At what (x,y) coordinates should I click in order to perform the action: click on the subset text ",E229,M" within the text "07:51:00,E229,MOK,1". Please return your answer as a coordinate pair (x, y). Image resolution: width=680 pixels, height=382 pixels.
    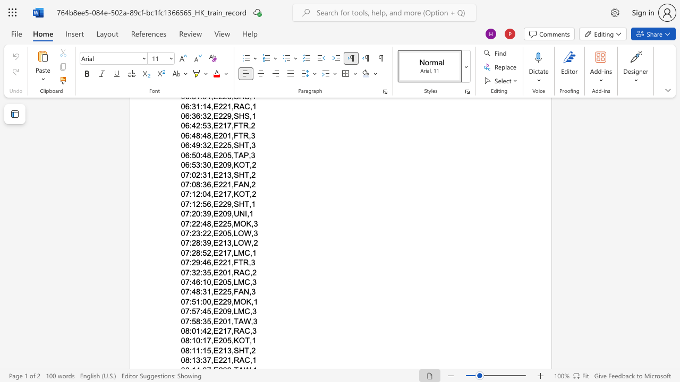
    Looking at the image, I should click on (211, 301).